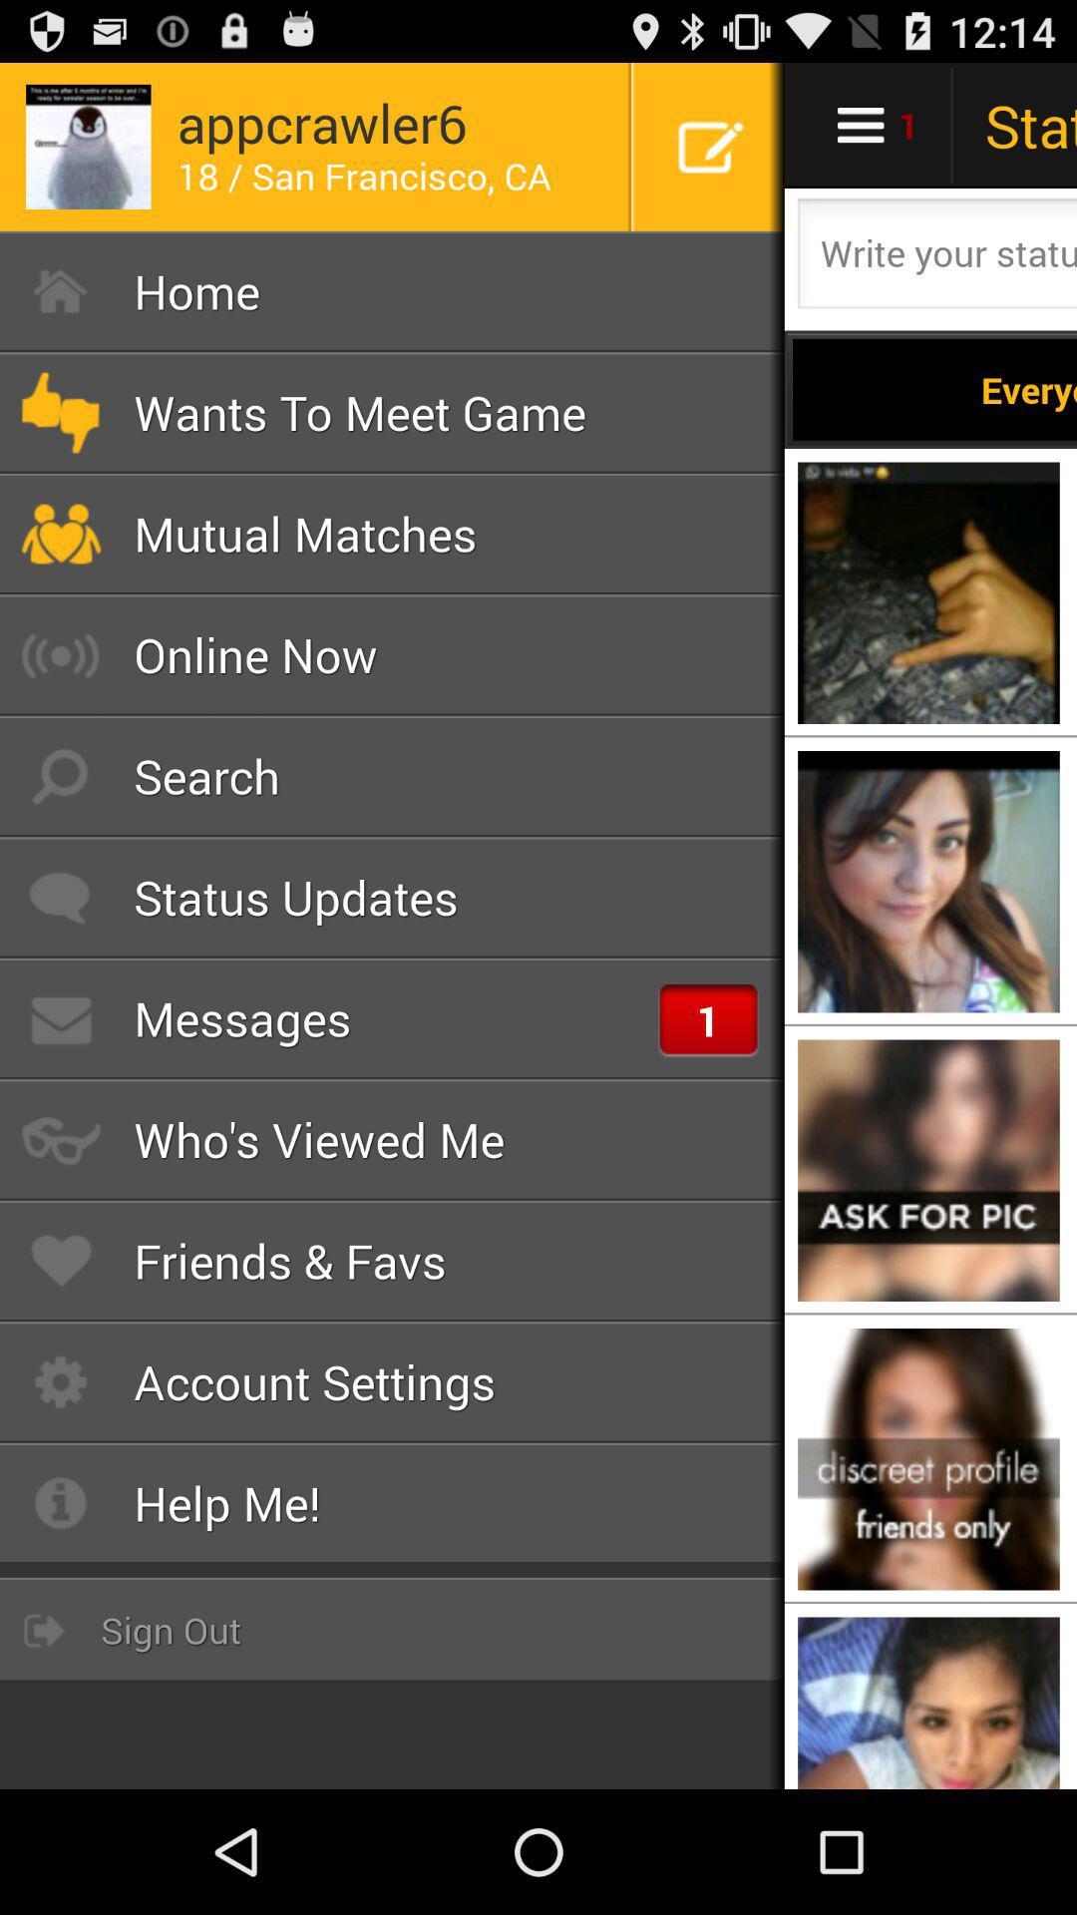 The height and width of the screenshot is (1915, 1077). What do you see at coordinates (392, 775) in the screenshot?
I see `icon below online now` at bounding box center [392, 775].